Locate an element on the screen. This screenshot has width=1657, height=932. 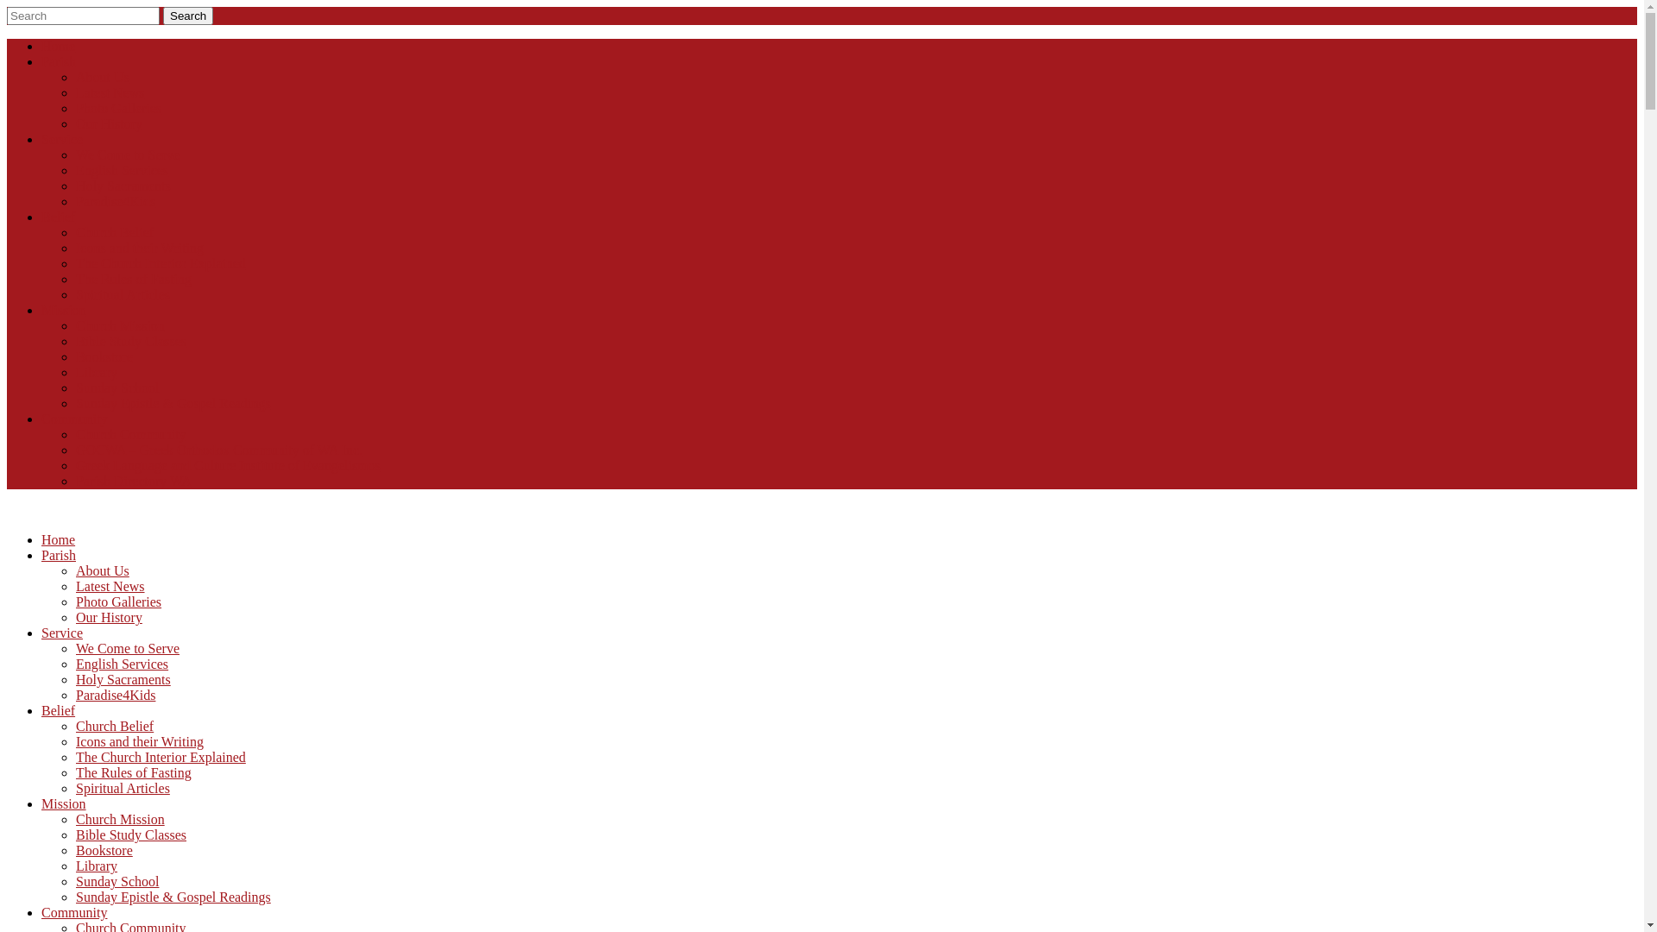
'Church Belief' is located at coordinates (114, 726).